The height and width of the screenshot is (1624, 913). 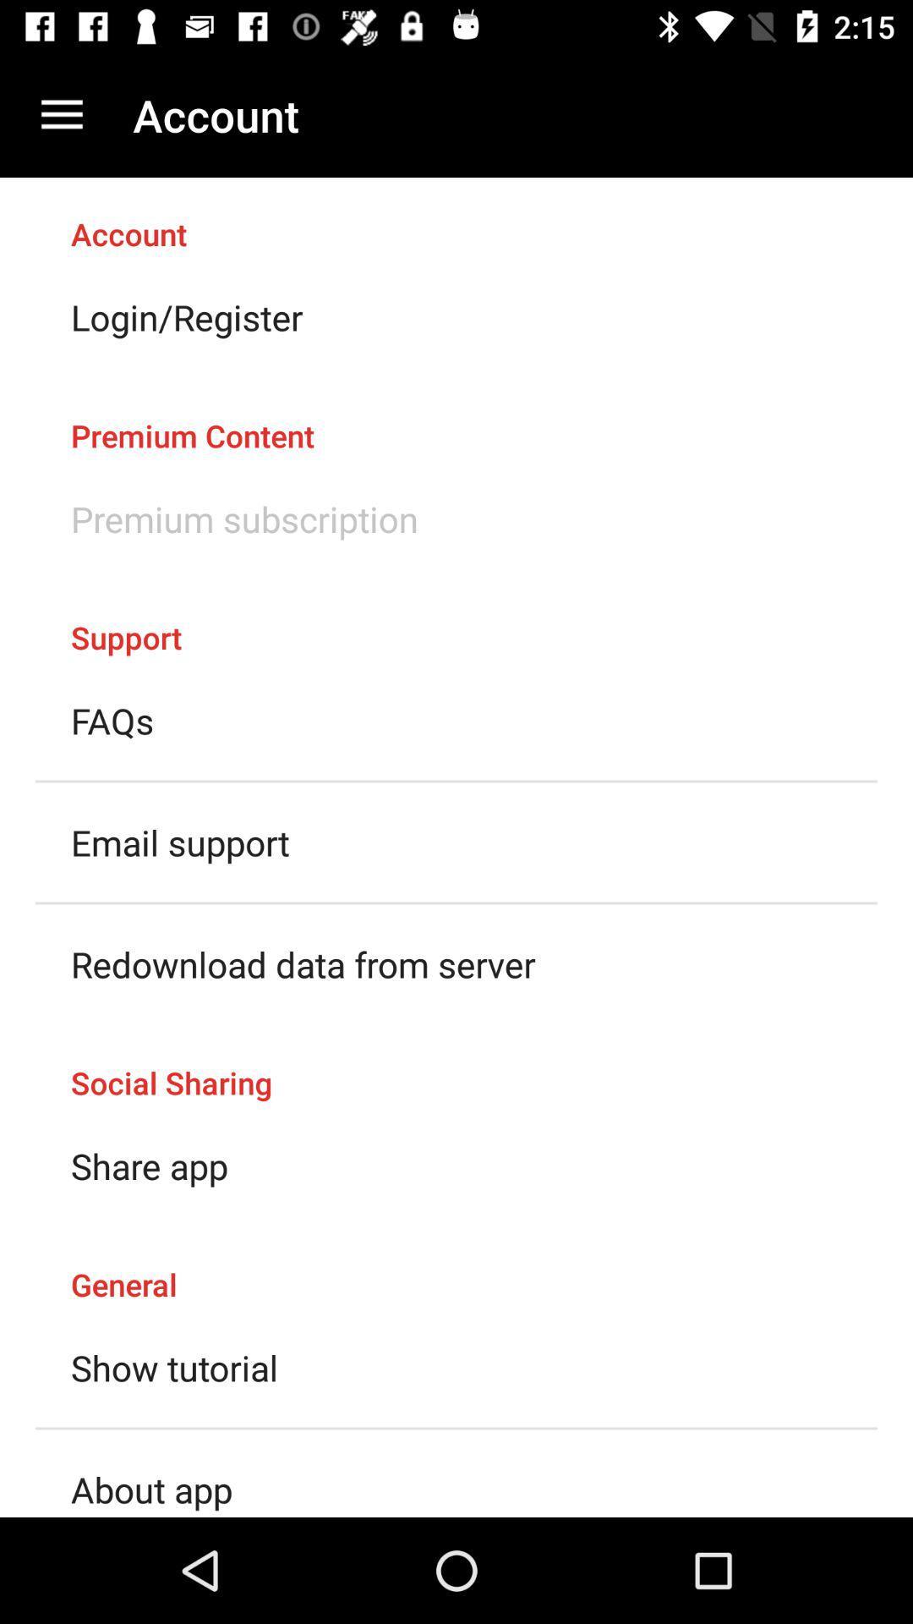 I want to click on the item below login/register item, so click(x=456, y=418).